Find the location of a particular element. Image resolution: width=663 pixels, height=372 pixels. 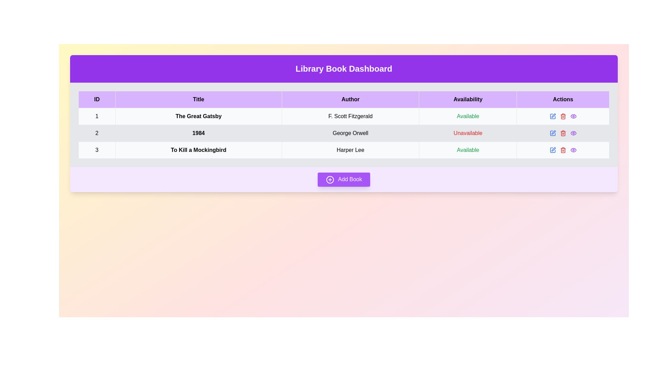

the eye icon in the 'Actions' column of the table row for the book '1984' is located at coordinates (573, 116).